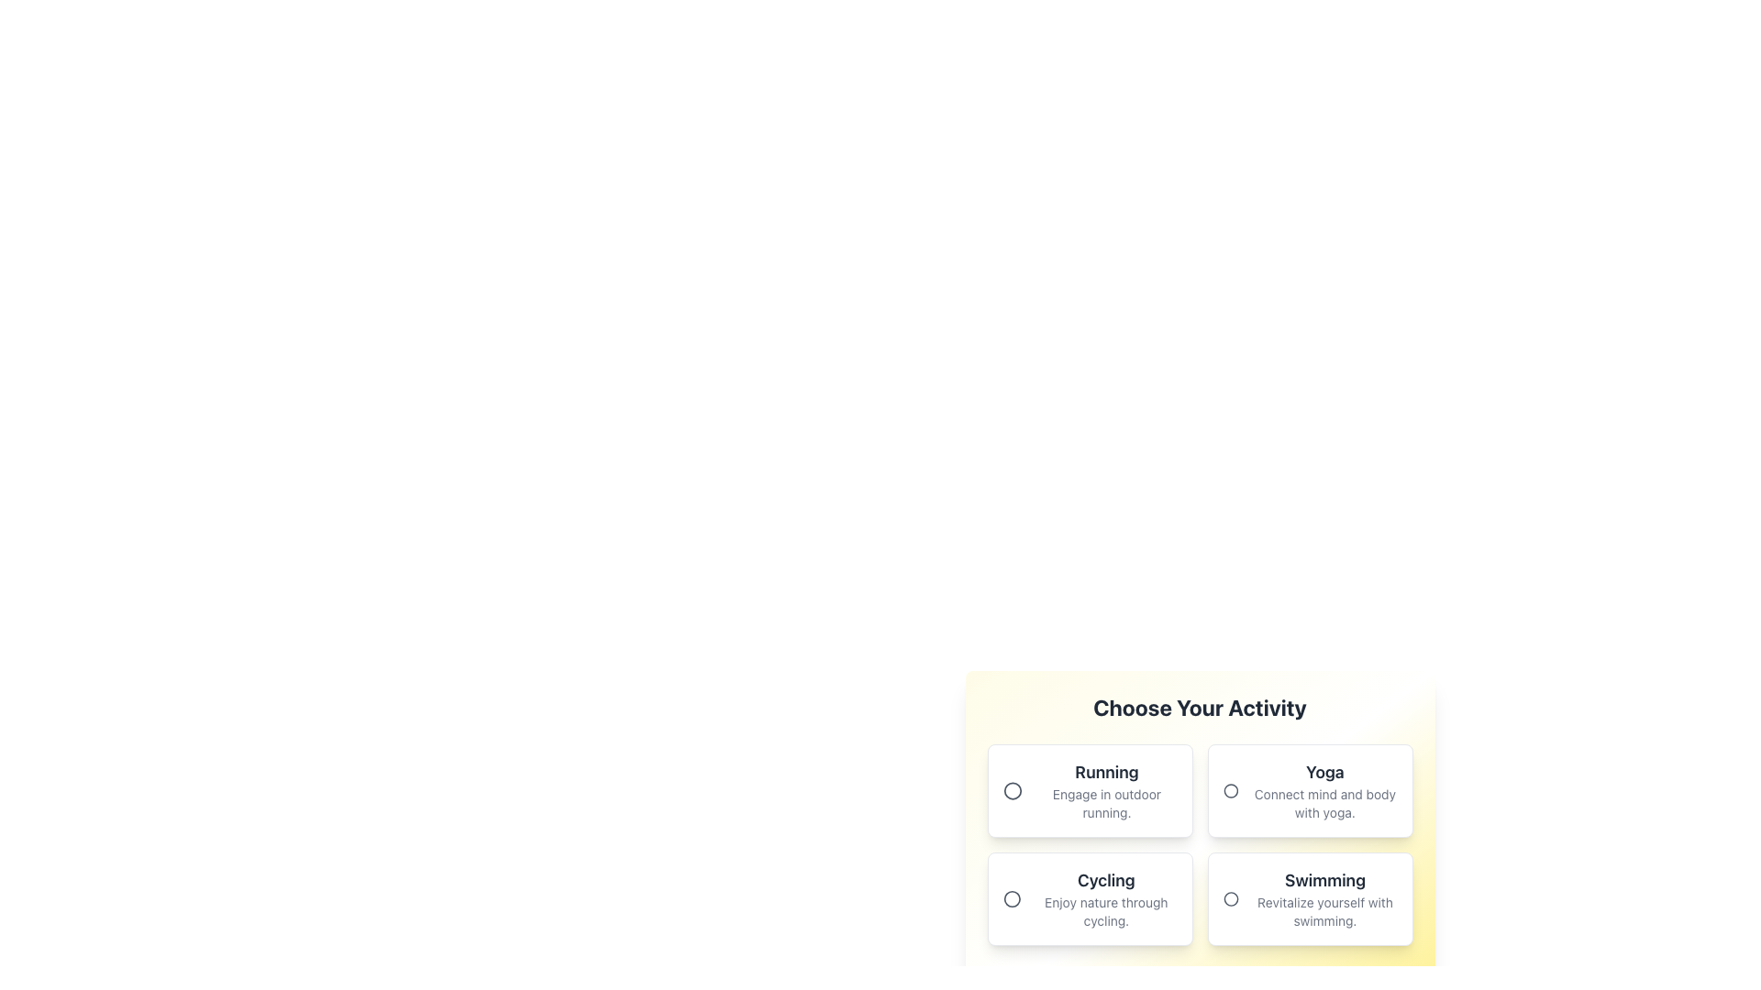  What do you see at coordinates (1011, 897) in the screenshot?
I see `the decorative circular icon representing the selection indicator for the 'Cycling' option in the 'Choose Your Activity' section to receive interface feedback` at bounding box center [1011, 897].